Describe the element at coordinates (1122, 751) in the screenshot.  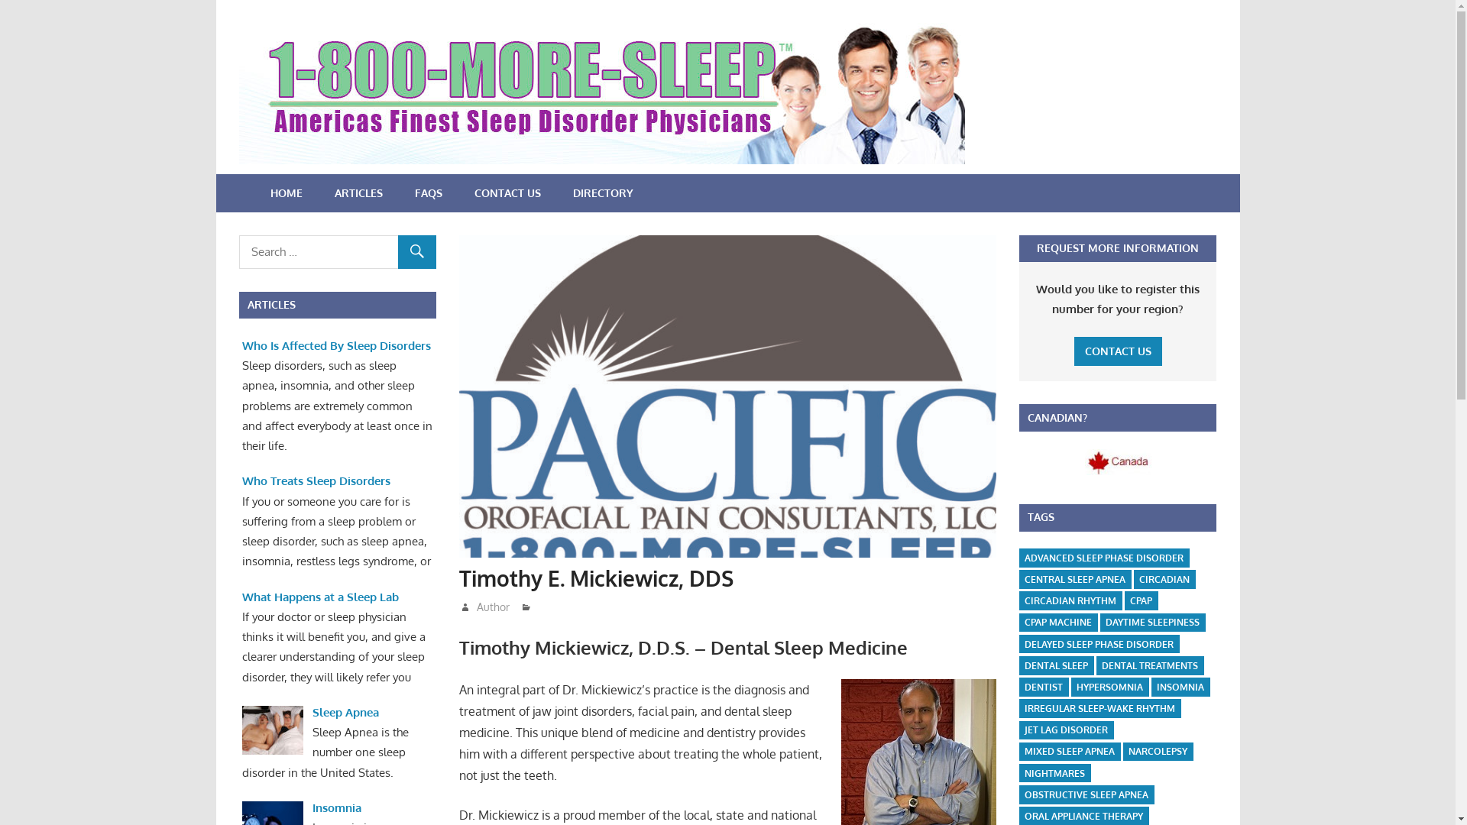
I see `'NARCOLEPSY'` at that location.